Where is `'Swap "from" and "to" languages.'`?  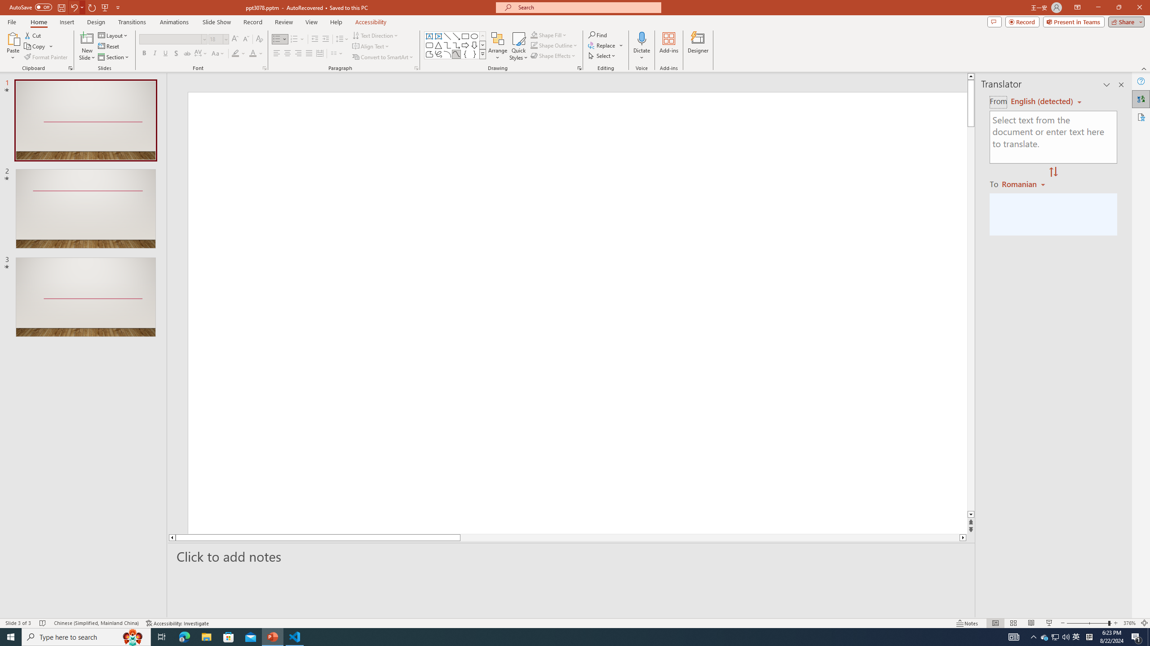
'Swap "from" and "to" languages.' is located at coordinates (1053, 172).